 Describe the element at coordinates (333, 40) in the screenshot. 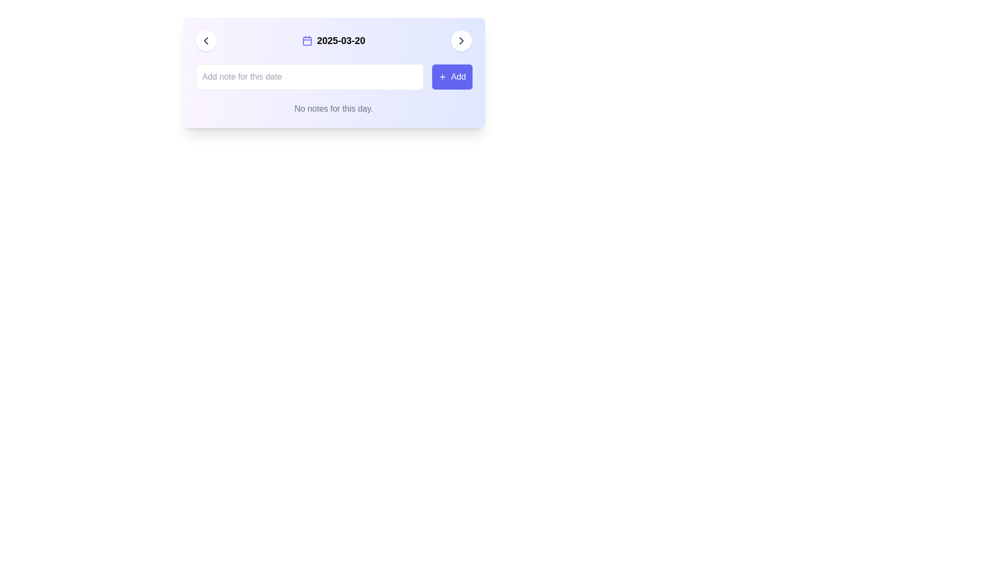

I see `the static text element displaying the currently selected date, which is centrally located at the top of the rectangular card panel` at that location.